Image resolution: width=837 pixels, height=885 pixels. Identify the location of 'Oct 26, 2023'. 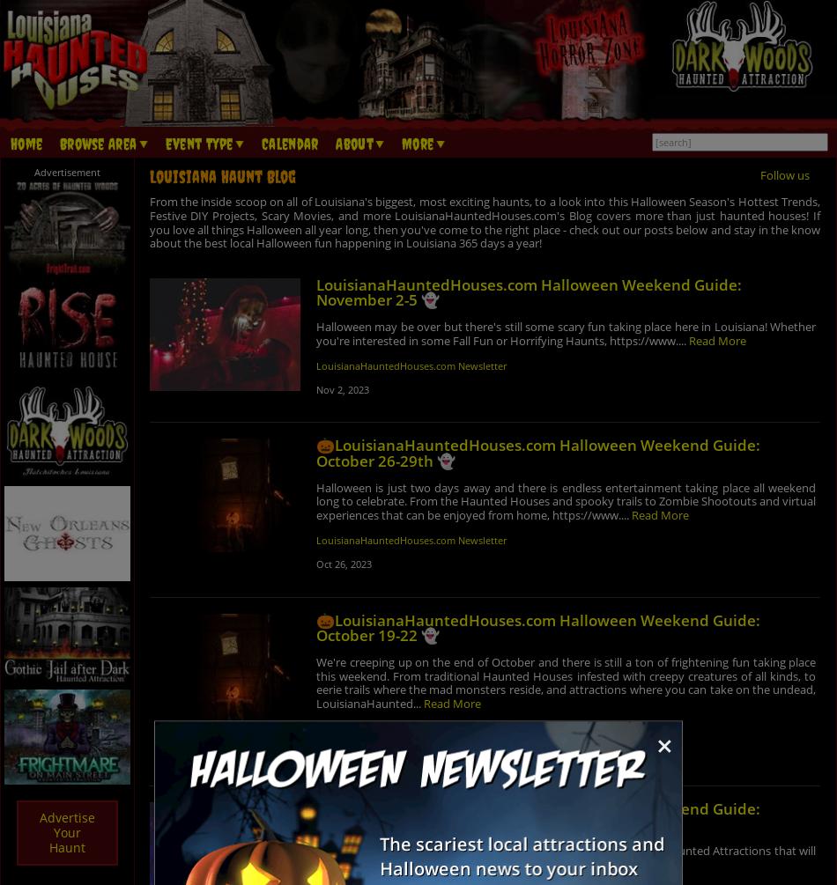
(342, 563).